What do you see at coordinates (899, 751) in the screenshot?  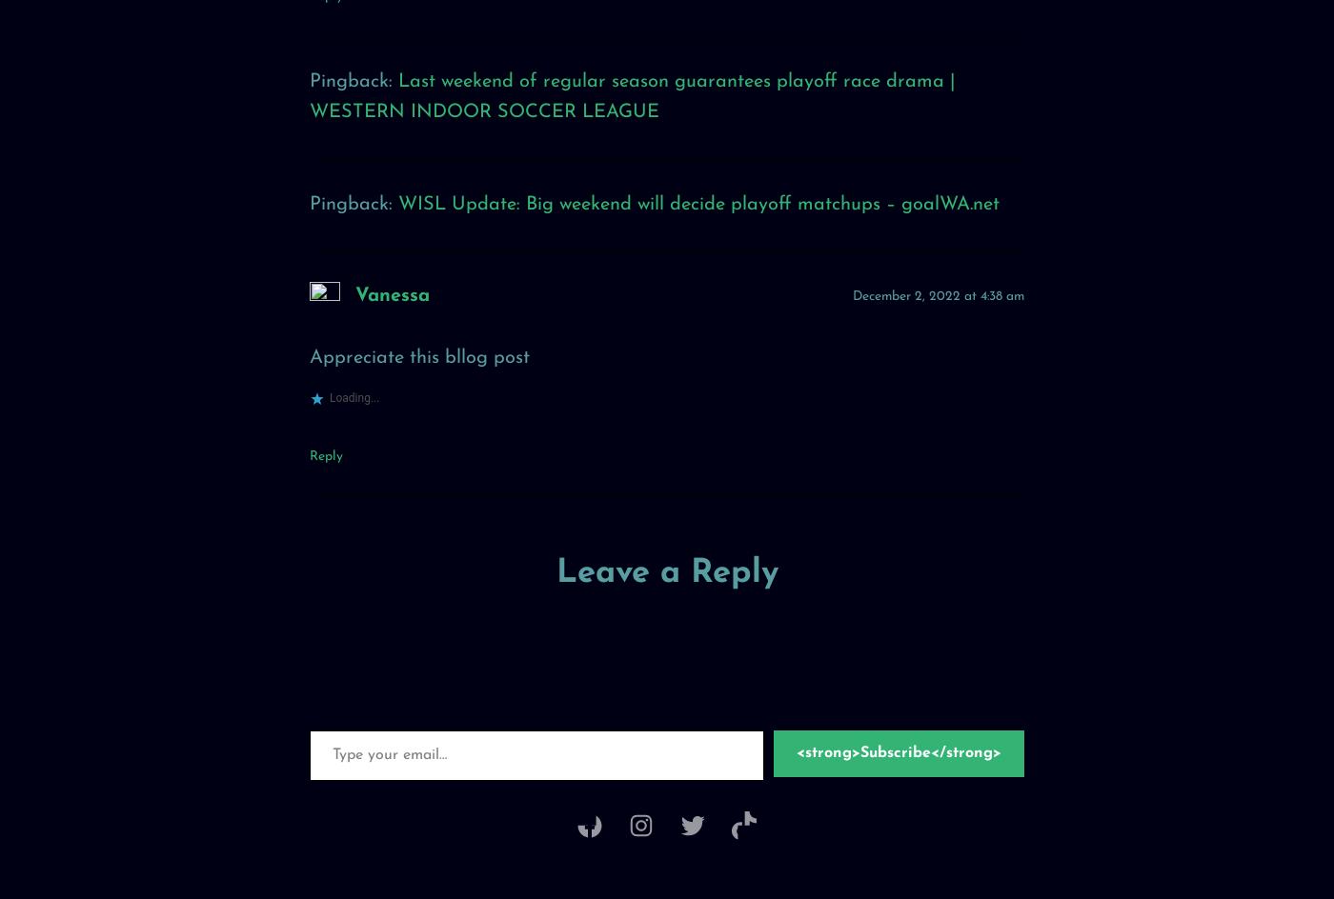 I see `'<strong>Subscribe</strong>'` at bounding box center [899, 751].